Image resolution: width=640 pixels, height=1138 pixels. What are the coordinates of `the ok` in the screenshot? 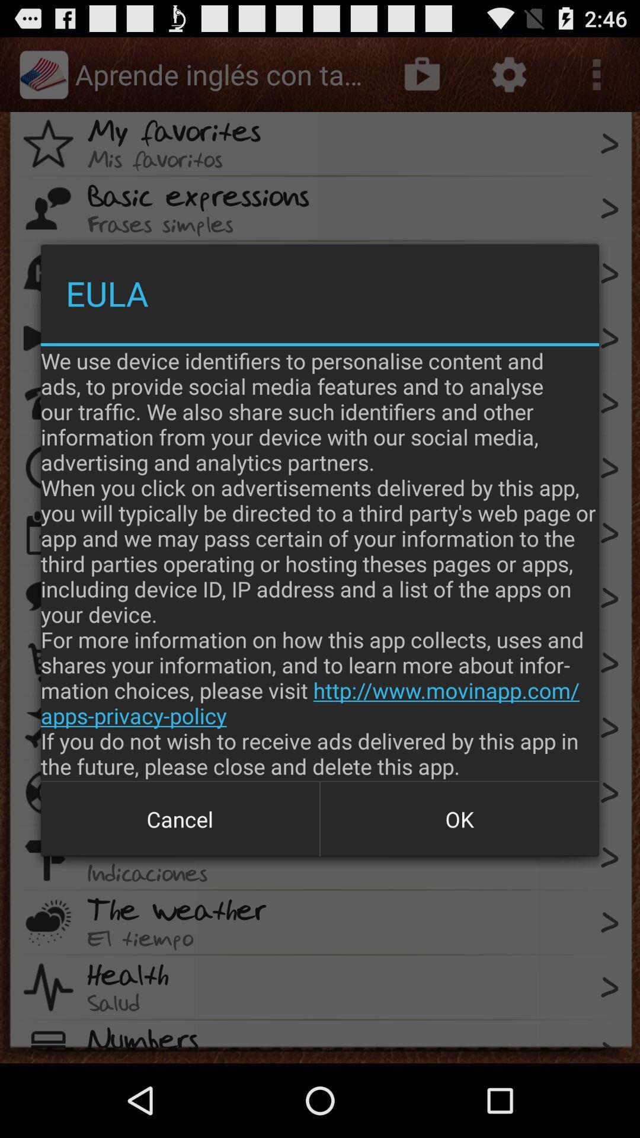 It's located at (459, 819).